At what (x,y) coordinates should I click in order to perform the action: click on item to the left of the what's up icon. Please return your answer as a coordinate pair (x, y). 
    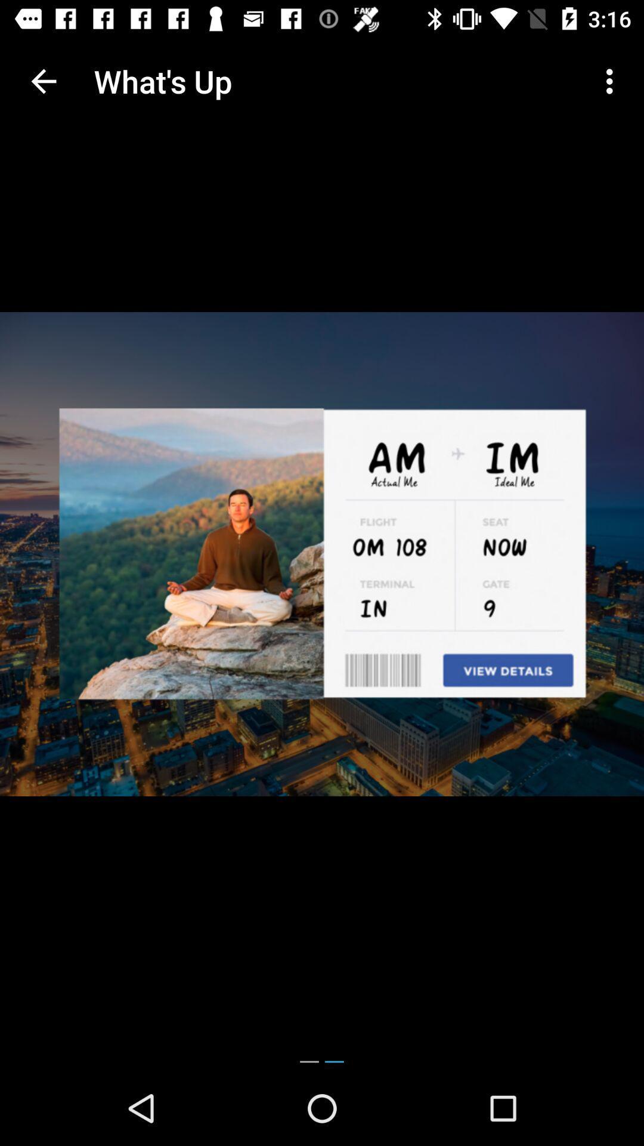
    Looking at the image, I should click on (43, 81).